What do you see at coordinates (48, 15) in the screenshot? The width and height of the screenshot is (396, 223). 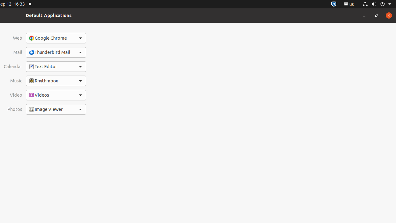 I see `'Default Applications'` at bounding box center [48, 15].